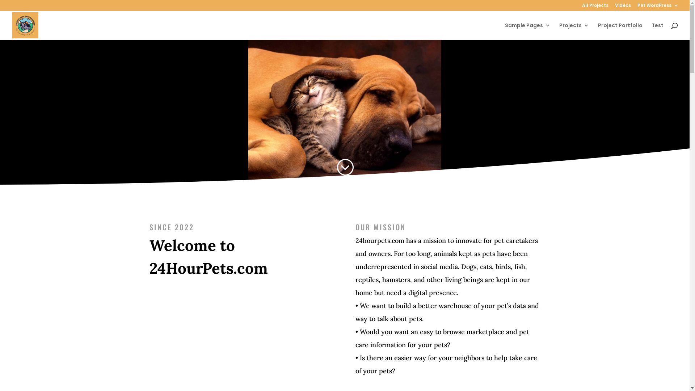 The image size is (695, 391). I want to click on 'Pet WordPress', so click(658, 7).